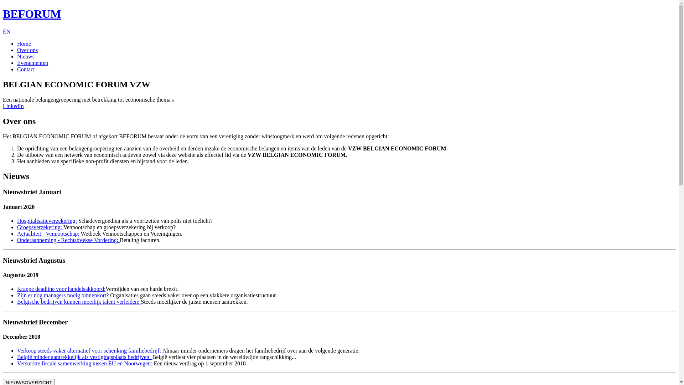  I want to click on 'Actualiteit - Vennootschap:', so click(48, 233).